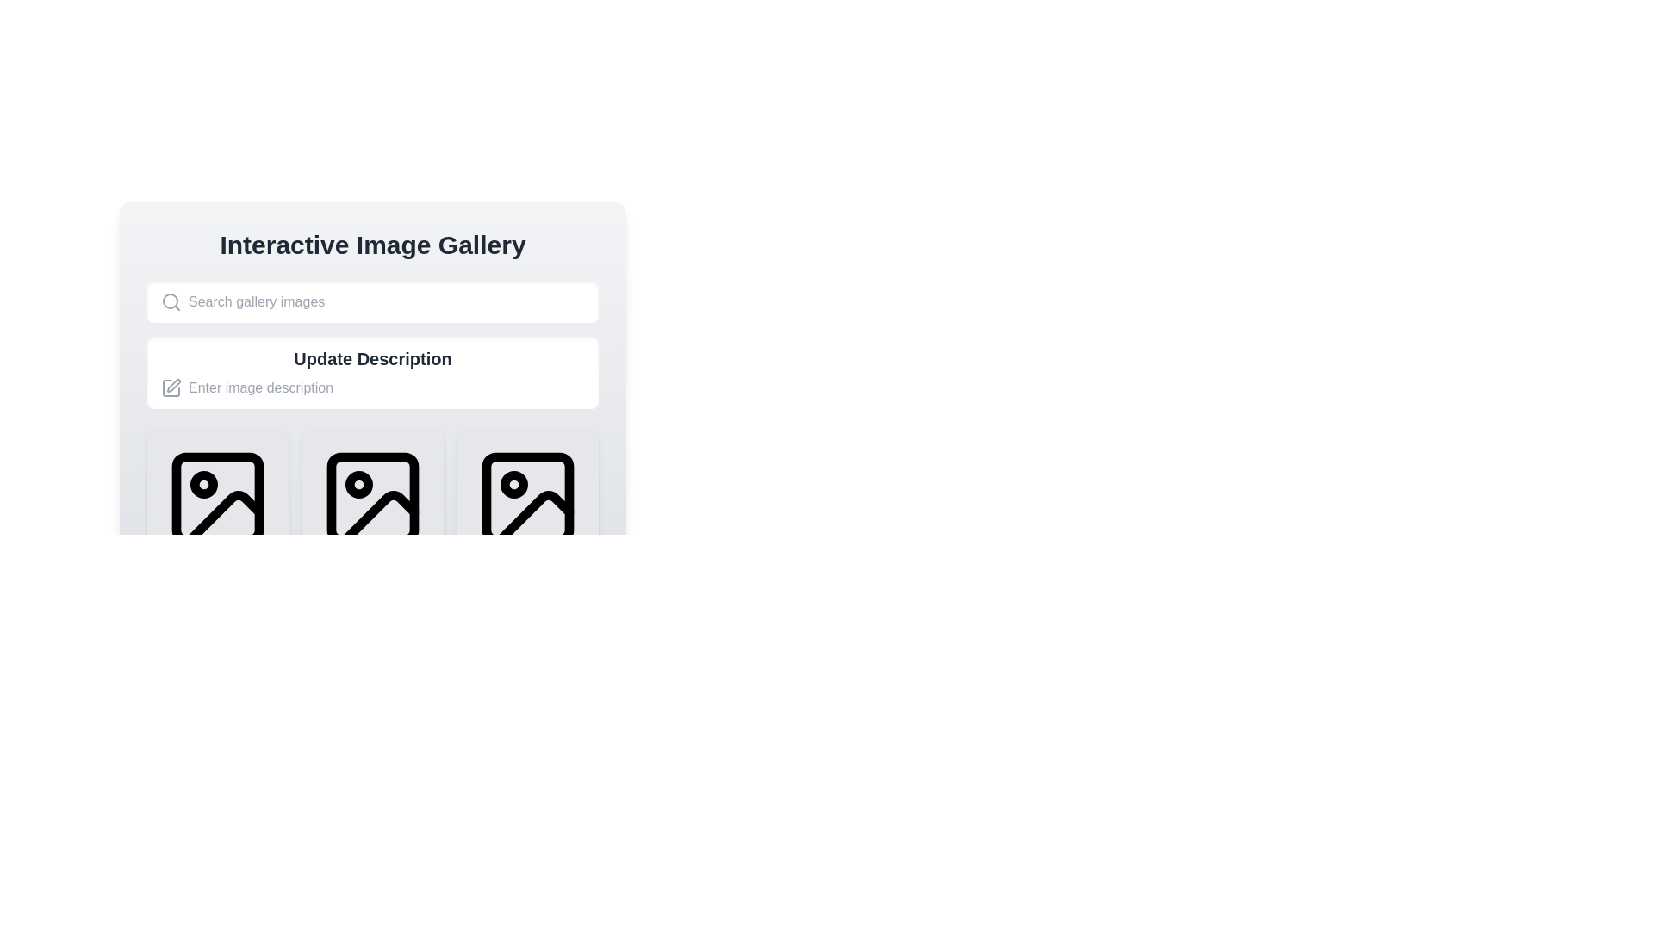  What do you see at coordinates (171, 301) in the screenshot?
I see `the search icon, which is a minimalist gray magnifying glass located to the left of the text input field with the placeholder 'Search gallery images'` at bounding box center [171, 301].